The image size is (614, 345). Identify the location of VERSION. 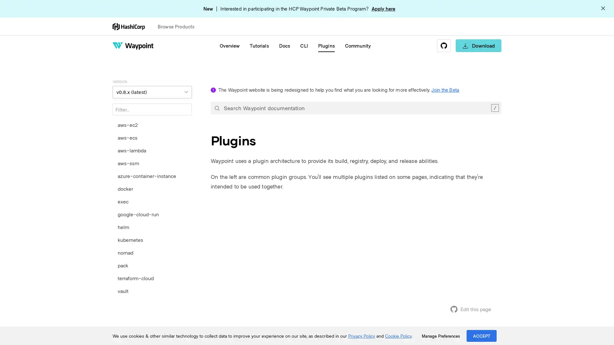
(152, 92).